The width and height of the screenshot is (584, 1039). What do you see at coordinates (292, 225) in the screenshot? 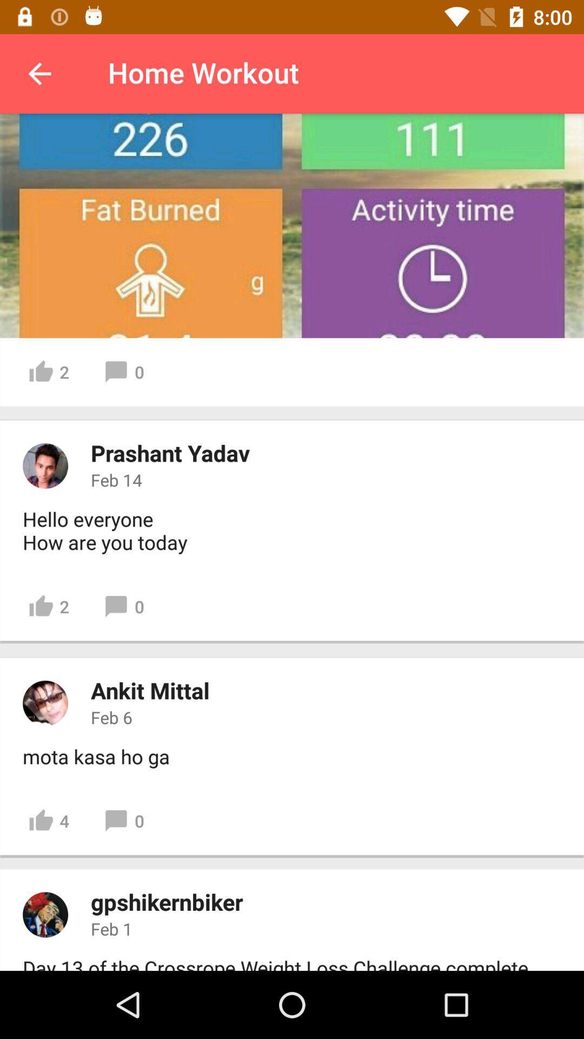
I see `fat burned activity time` at bounding box center [292, 225].